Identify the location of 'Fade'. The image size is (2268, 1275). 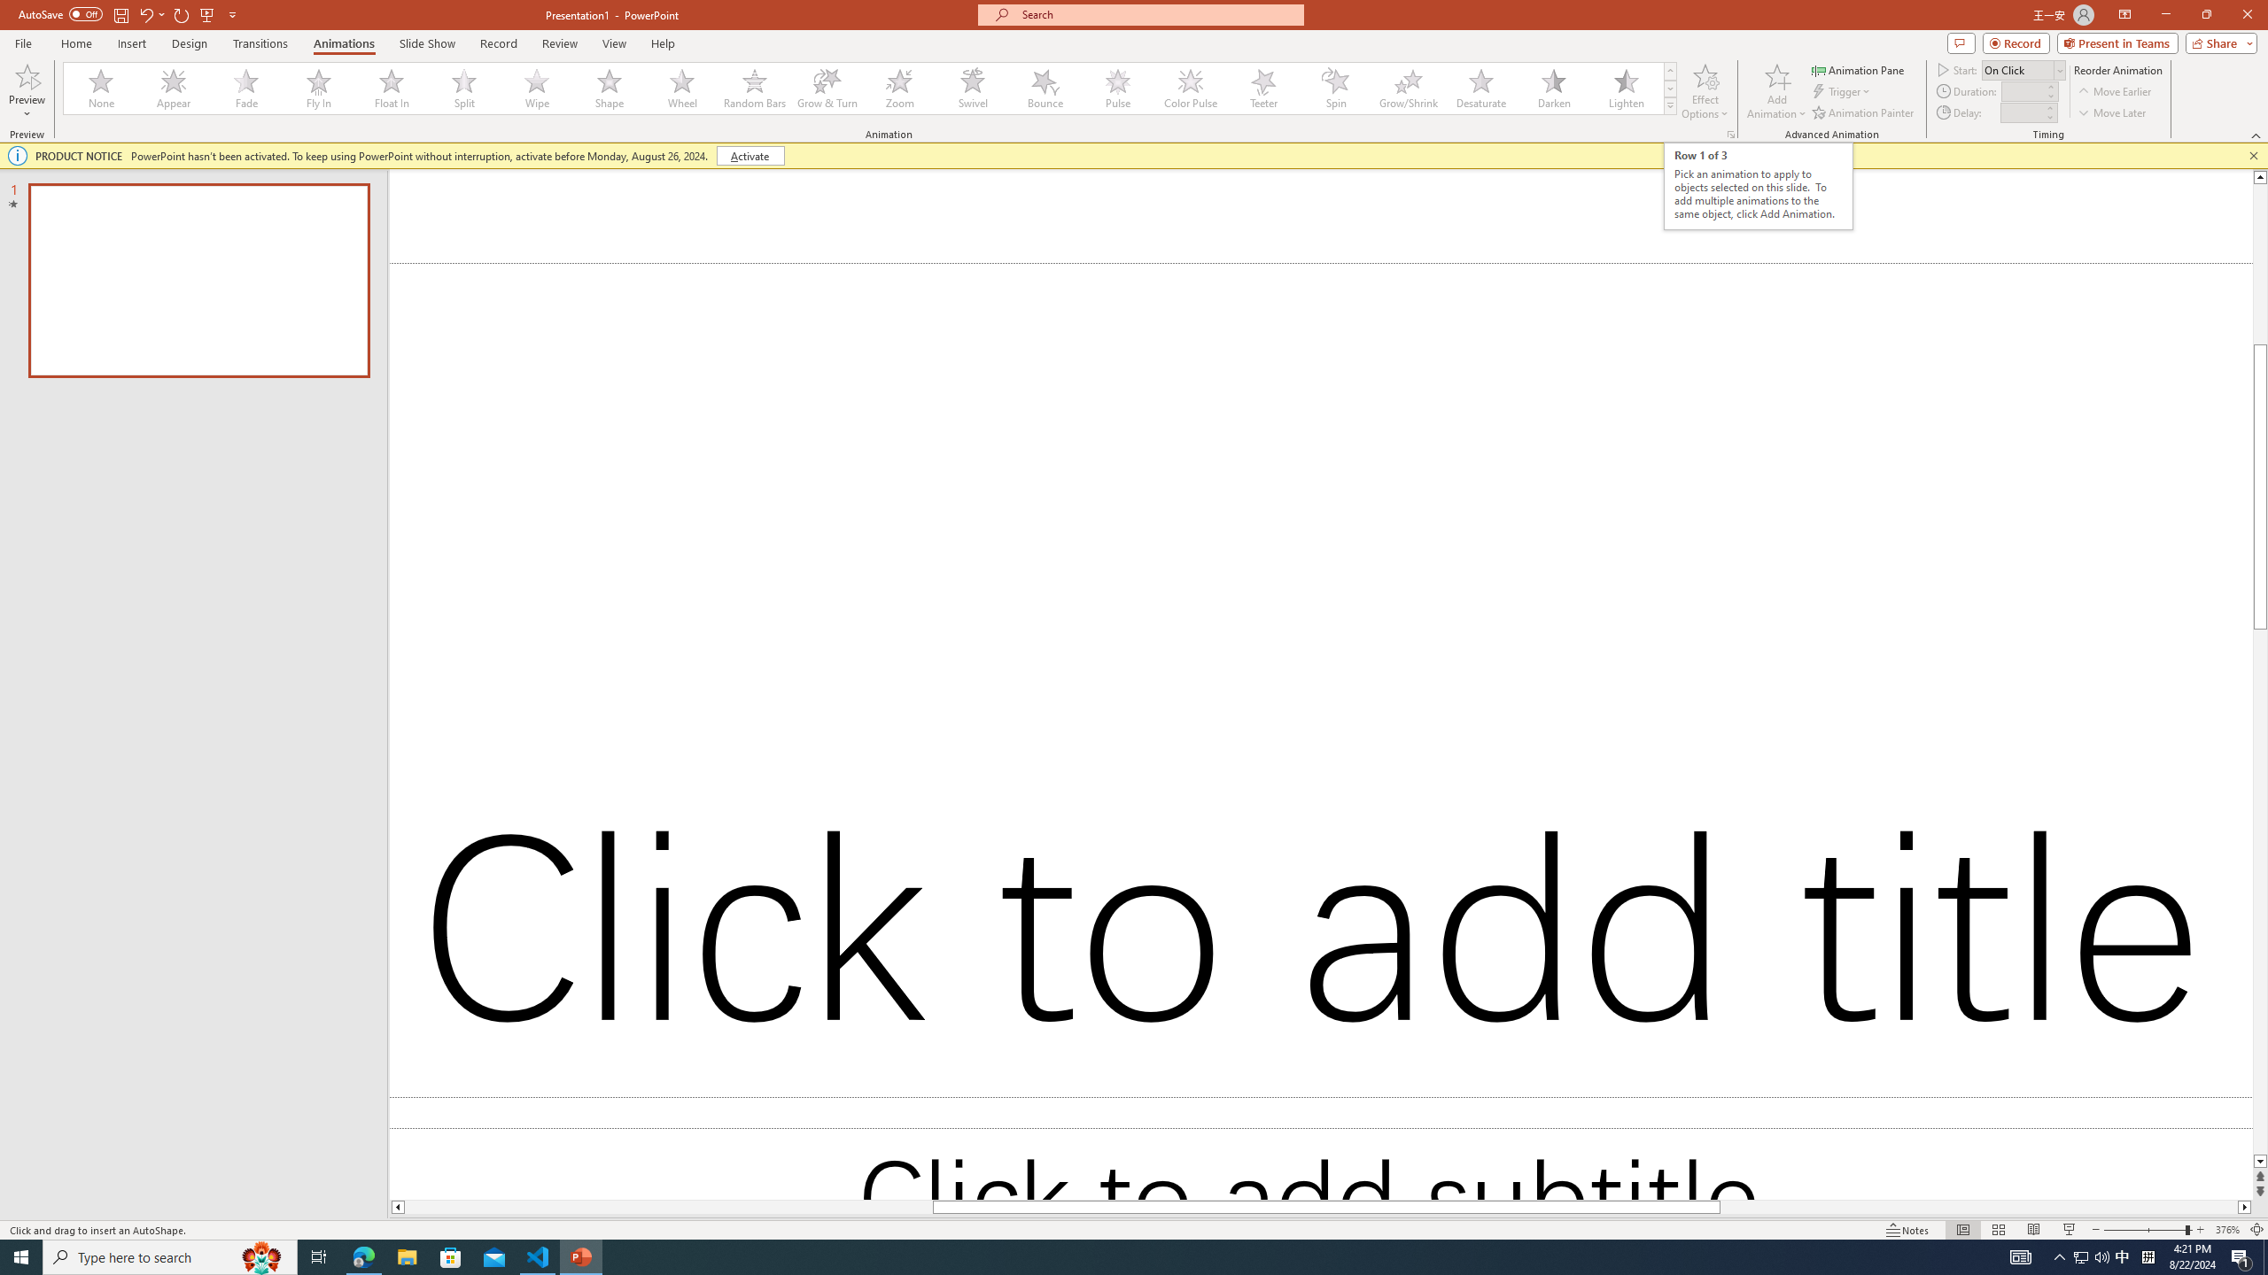
(246, 88).